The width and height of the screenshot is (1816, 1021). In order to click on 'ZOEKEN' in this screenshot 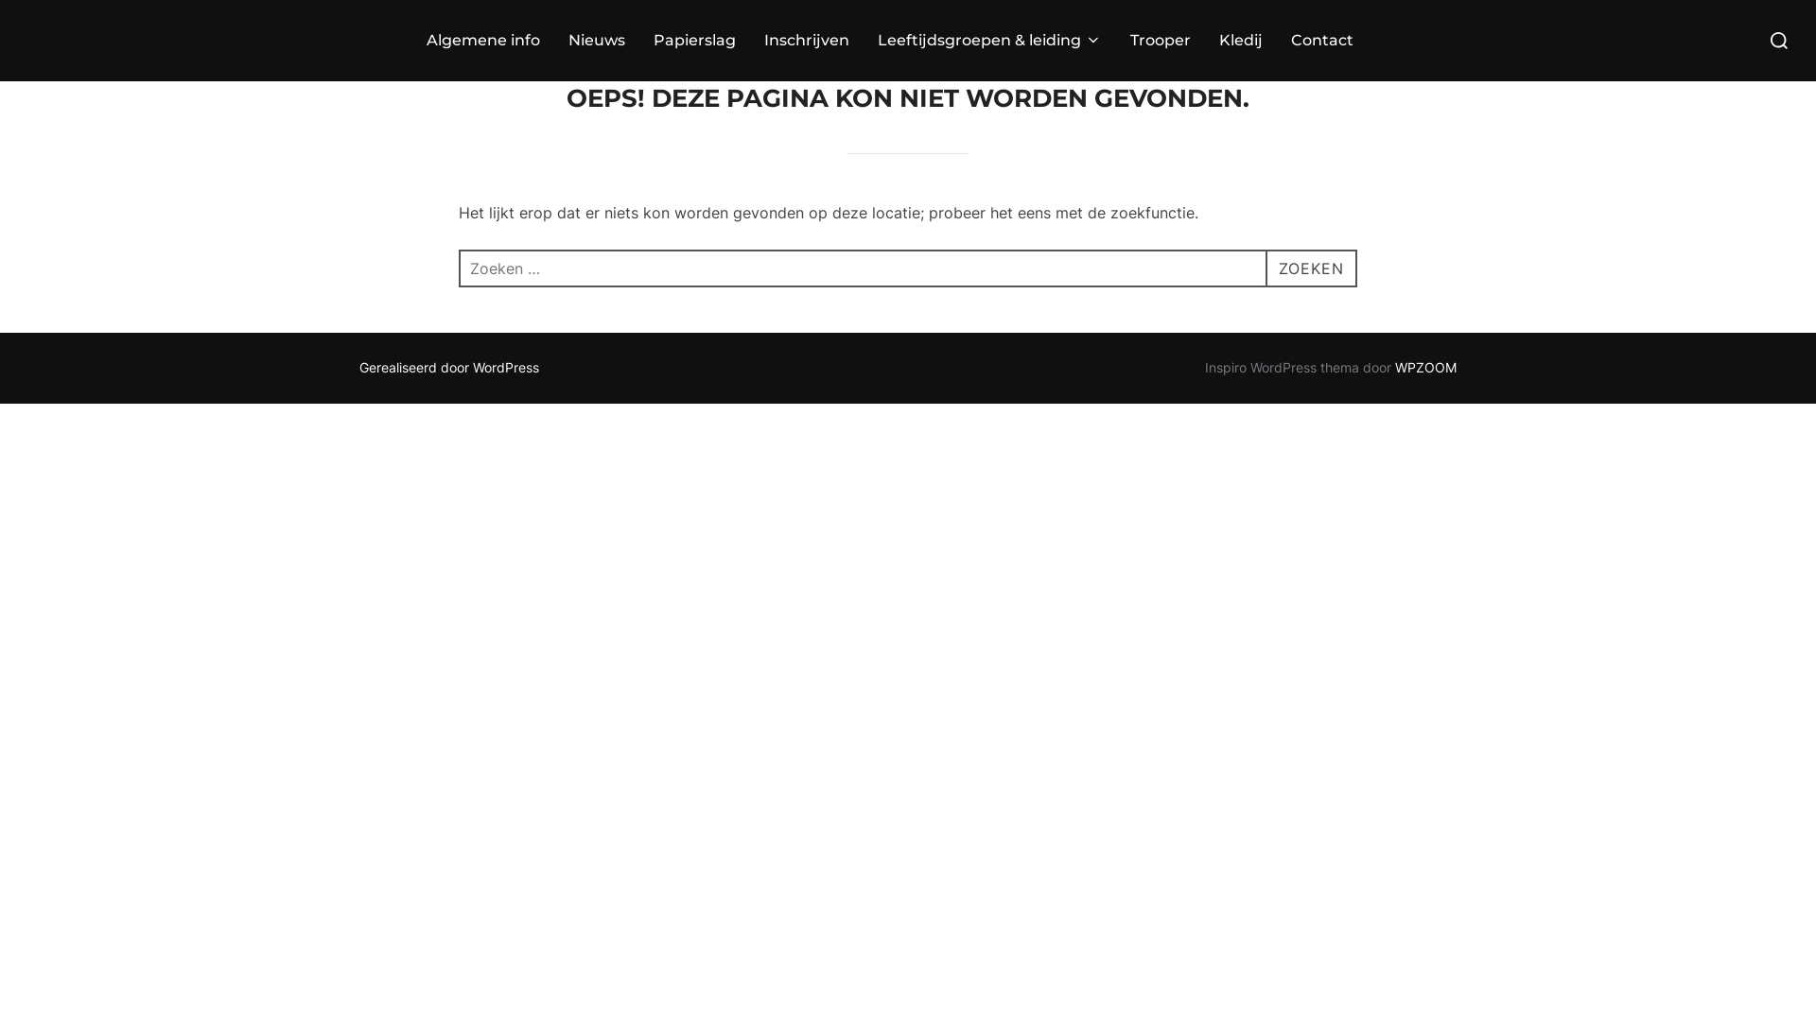, I will do `click(1310, 268)`.